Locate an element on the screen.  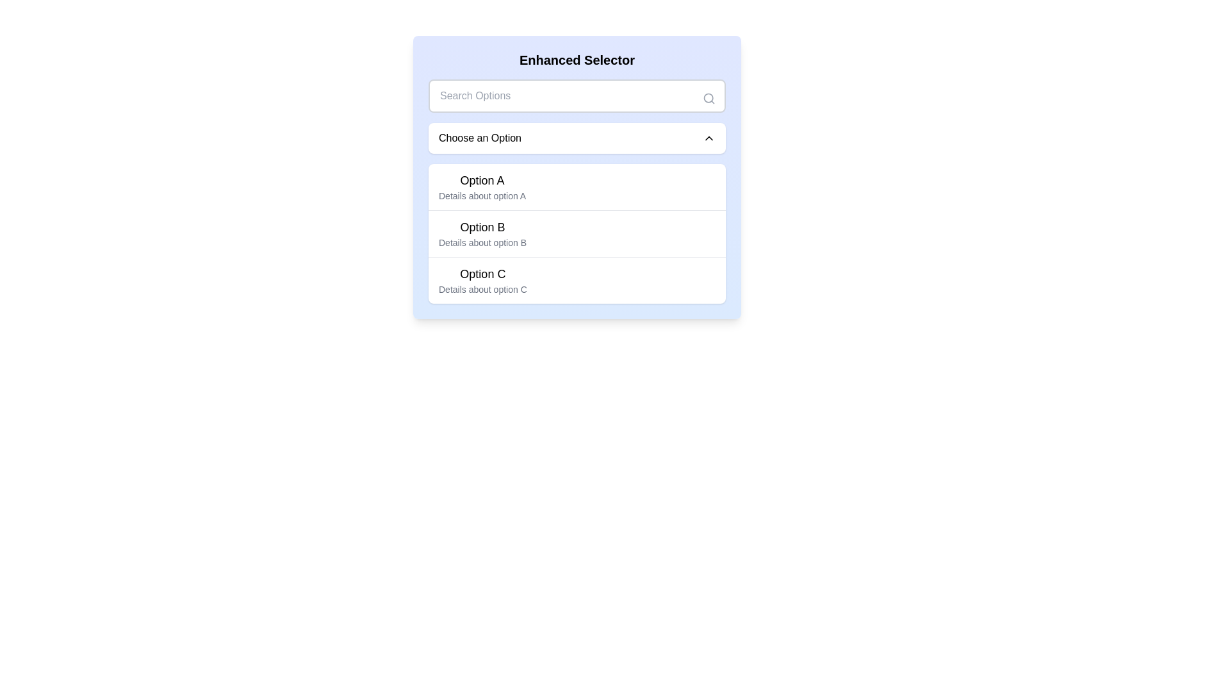
the selectable option labeled 'Option C' in the dropdown menu is located at coordinates (577, 279).